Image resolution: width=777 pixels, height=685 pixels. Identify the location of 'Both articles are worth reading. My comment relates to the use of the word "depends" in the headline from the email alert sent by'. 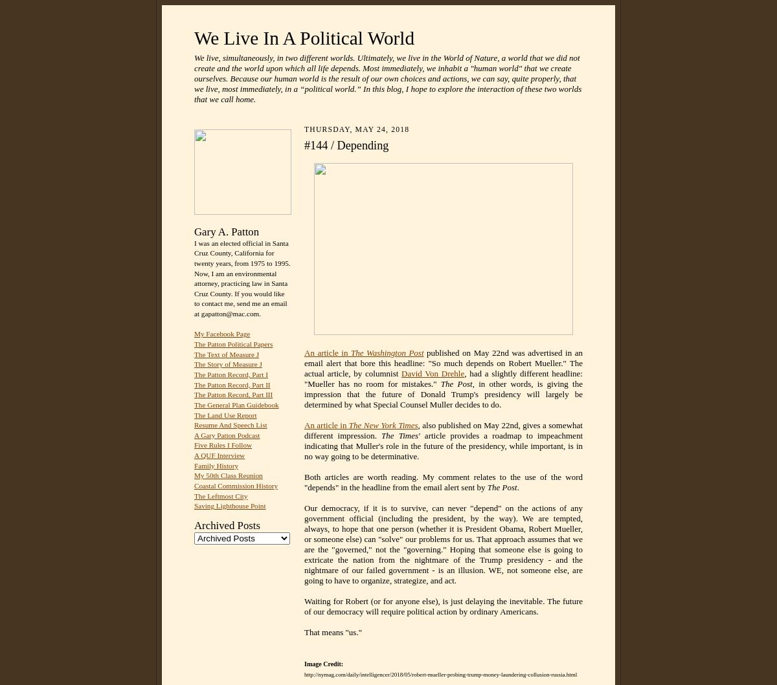
(443, 481).